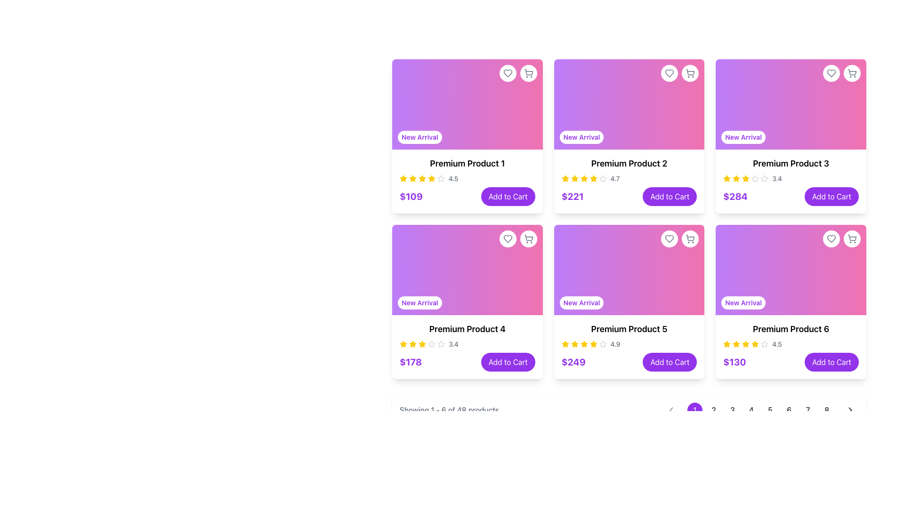 Image resolution: width=904 pixels, height=508 pixels. Describe the element at coordinates (440, 178) in the screenshot. I see `the second star icon representing the rating for 'Premium Product 1', which is part of a group of five stars located in the top-left product card` at that location.